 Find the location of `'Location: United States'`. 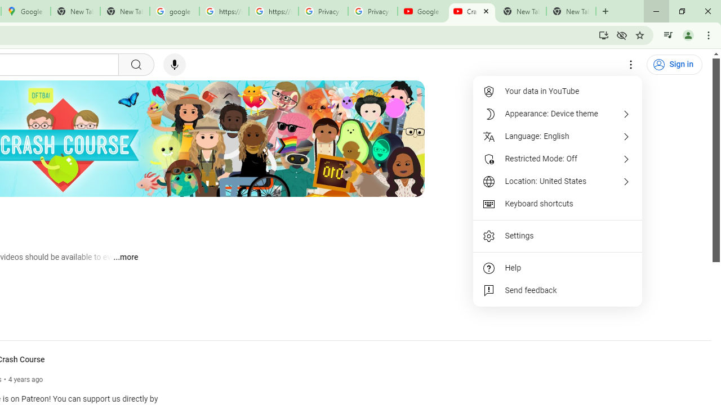

'Location: United States' is located at coordinates (558, 181).